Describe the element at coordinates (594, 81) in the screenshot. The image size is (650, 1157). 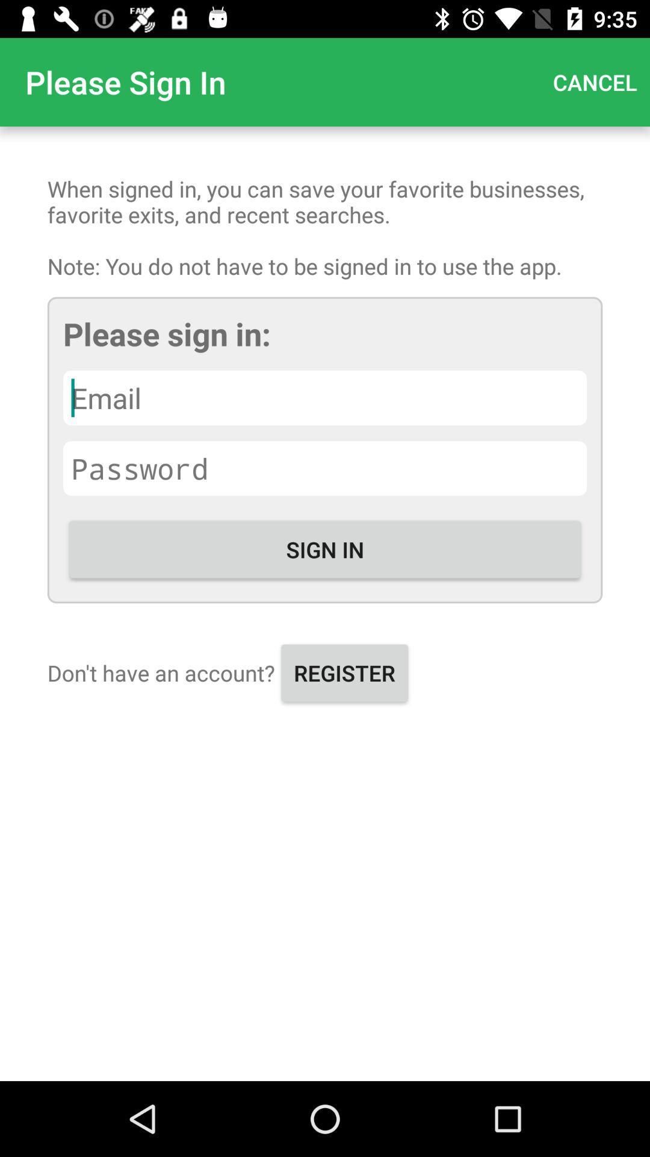
I see `the app to the right of the please sign in icon` at that location.